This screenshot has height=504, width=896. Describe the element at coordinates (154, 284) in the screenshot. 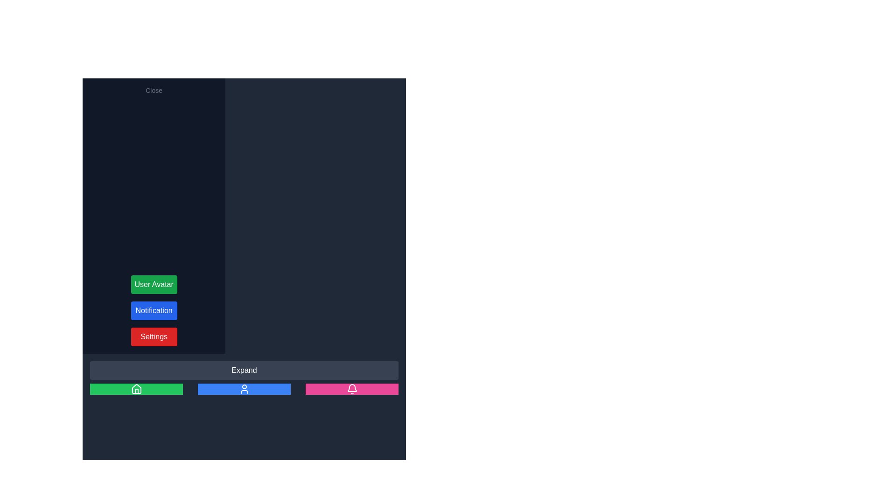

I see `the 'User Avatar' button, which is a green rectangular element with rounded corners and white text, positioned at the top of three vertically aligned buttons` at that location.